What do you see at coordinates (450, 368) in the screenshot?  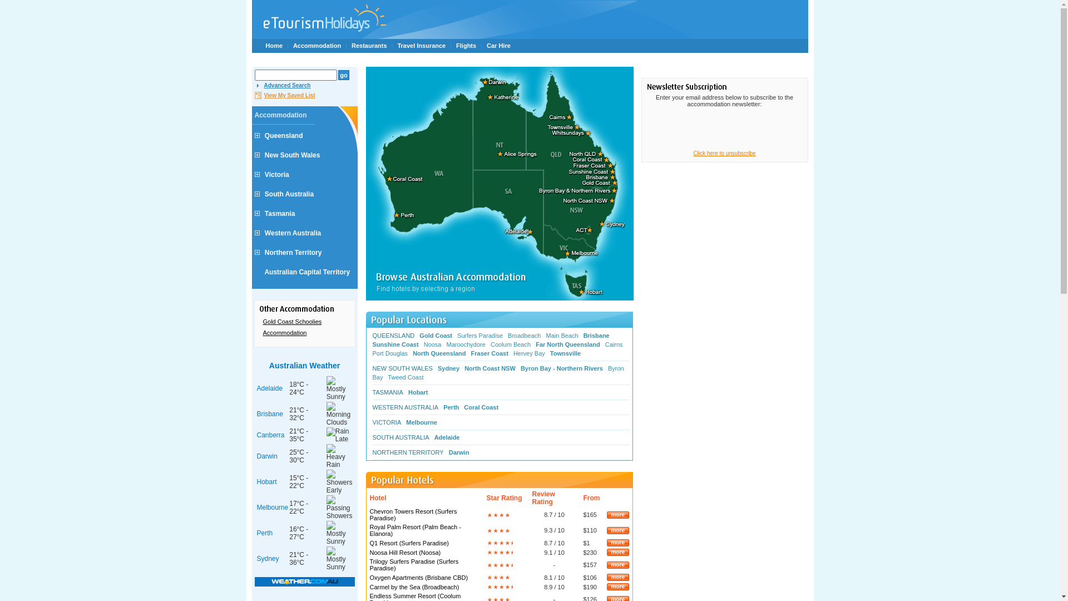 I see `'Sydney'` at bounding box center [450, 368].